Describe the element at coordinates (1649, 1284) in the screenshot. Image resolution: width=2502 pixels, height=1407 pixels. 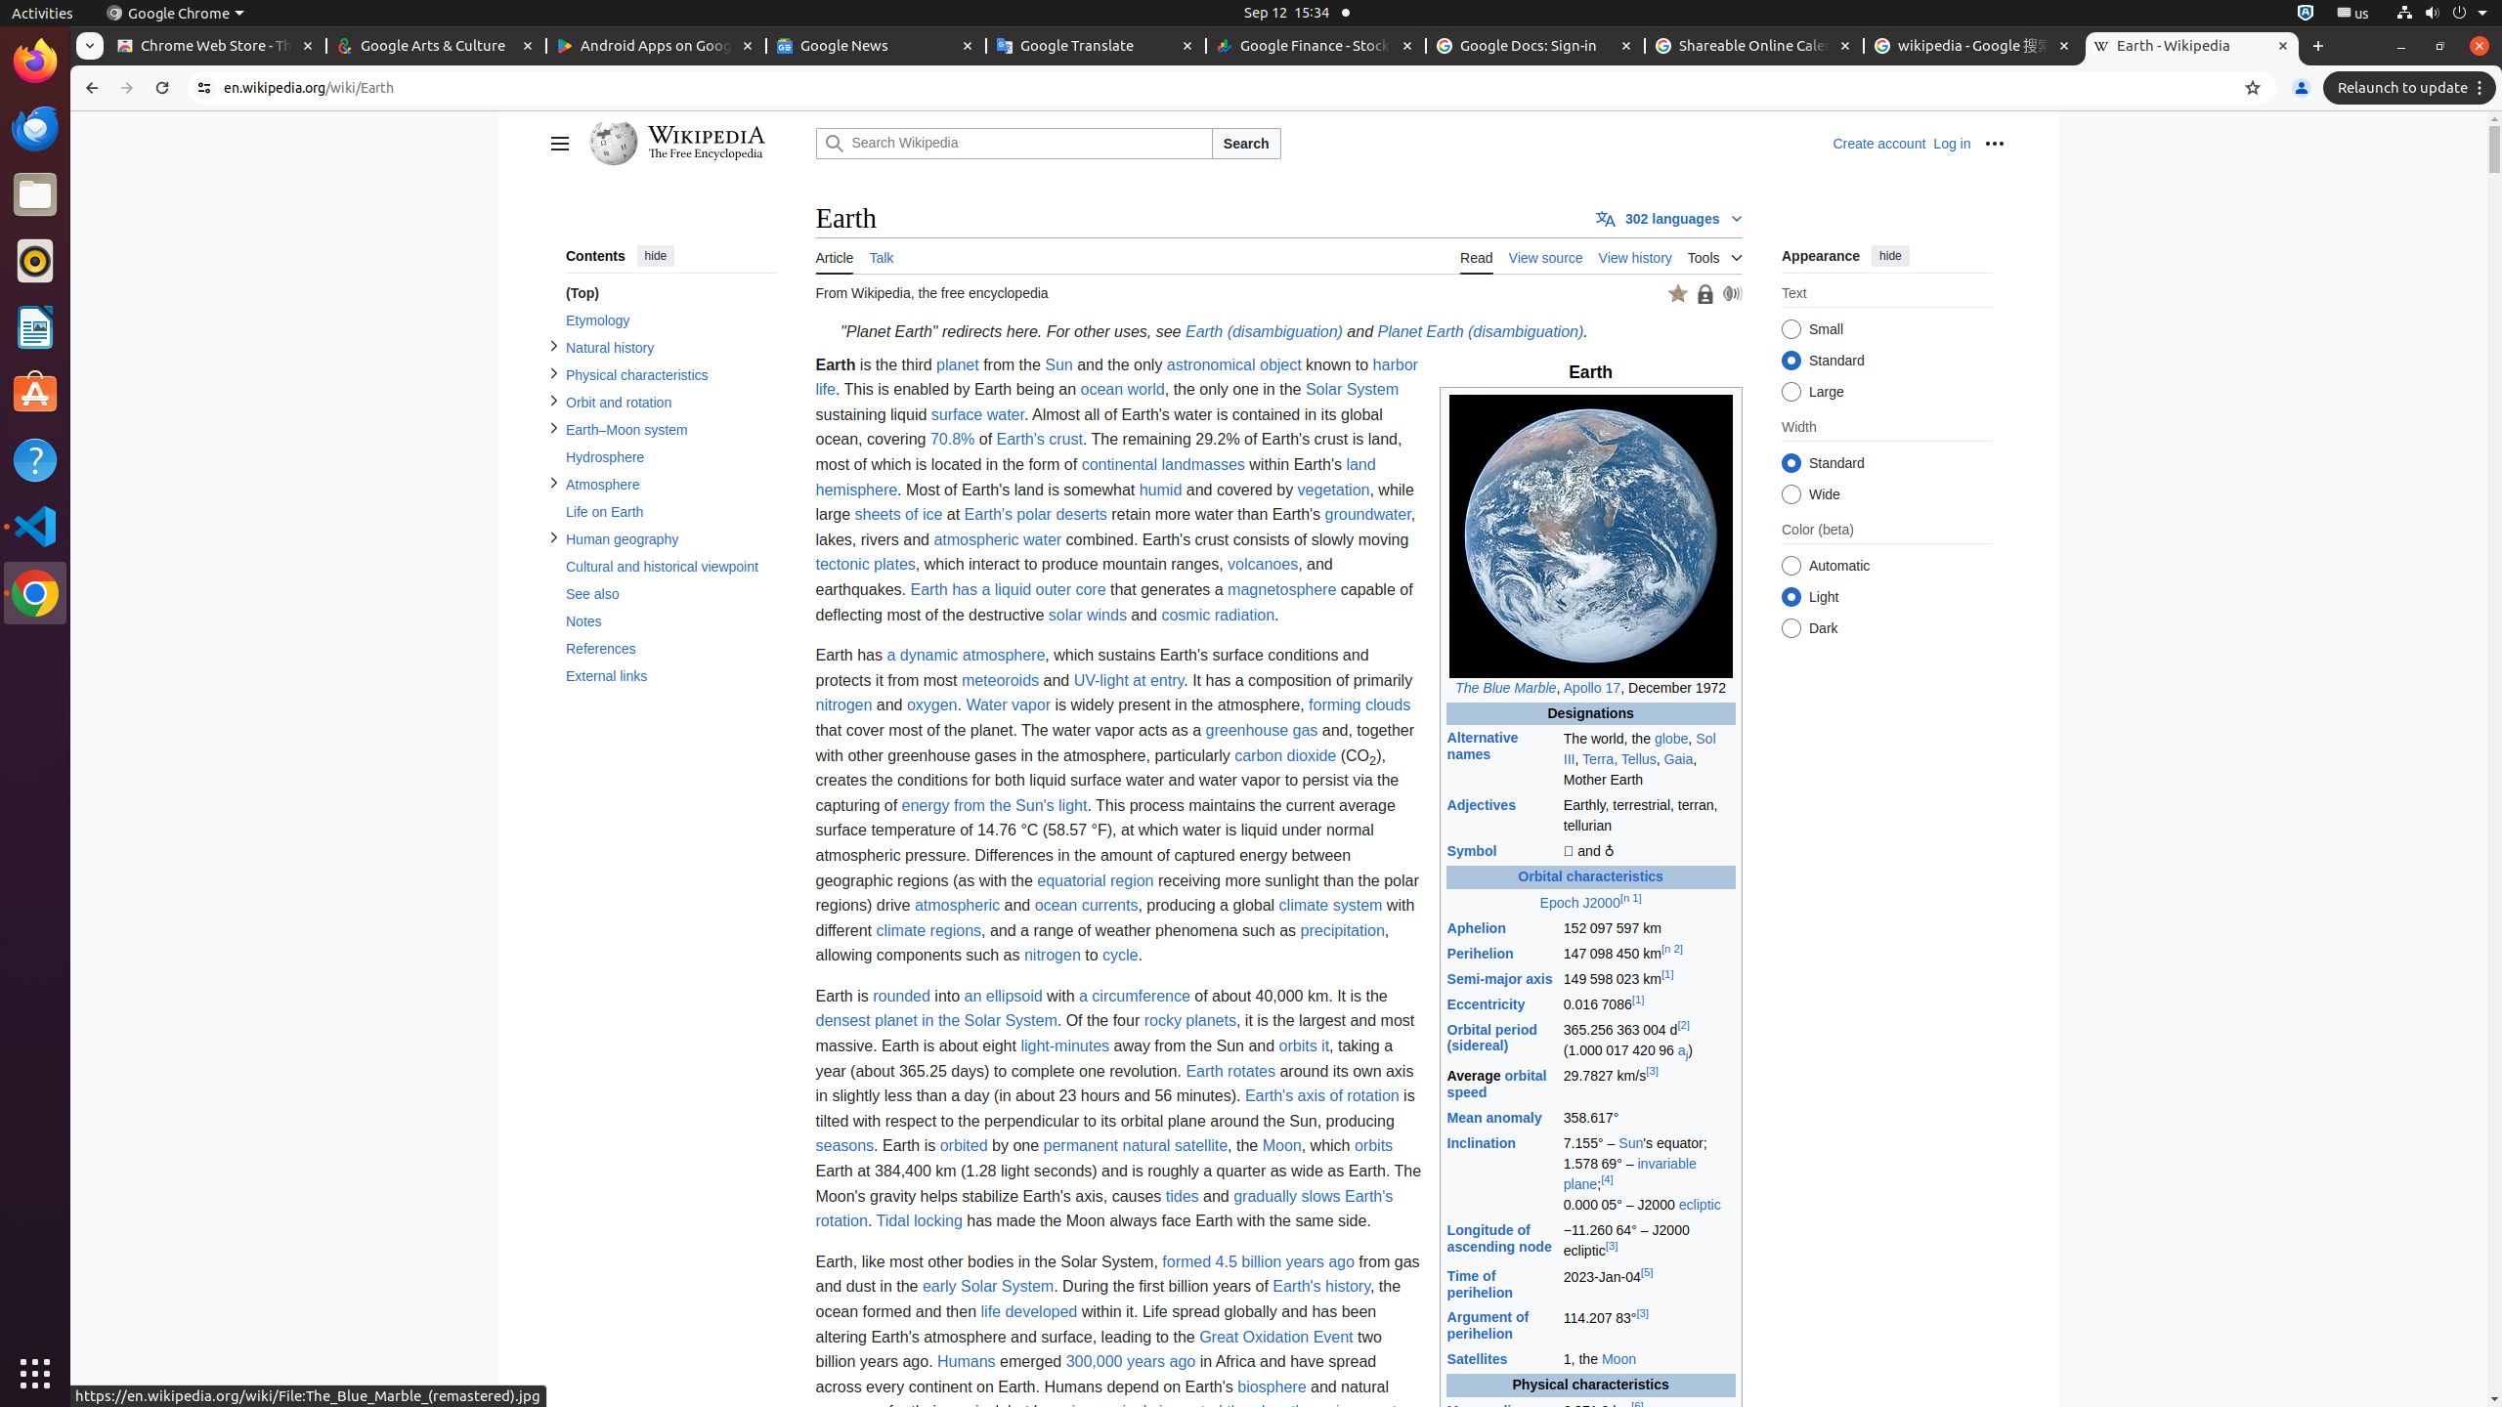
I see `'2023-Jan-04[5]'` at that location.